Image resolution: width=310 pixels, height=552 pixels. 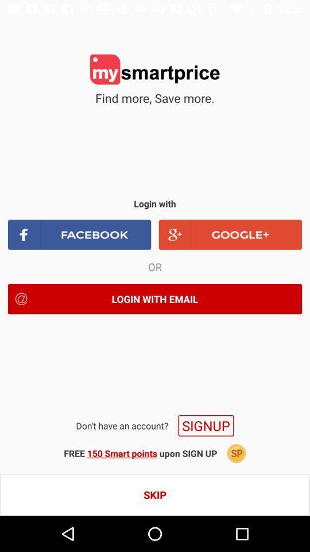 What do you see at coordinates (236, 453) in the screenshot?
I see `the icon above skip icon` at bounding box center [236, 453].